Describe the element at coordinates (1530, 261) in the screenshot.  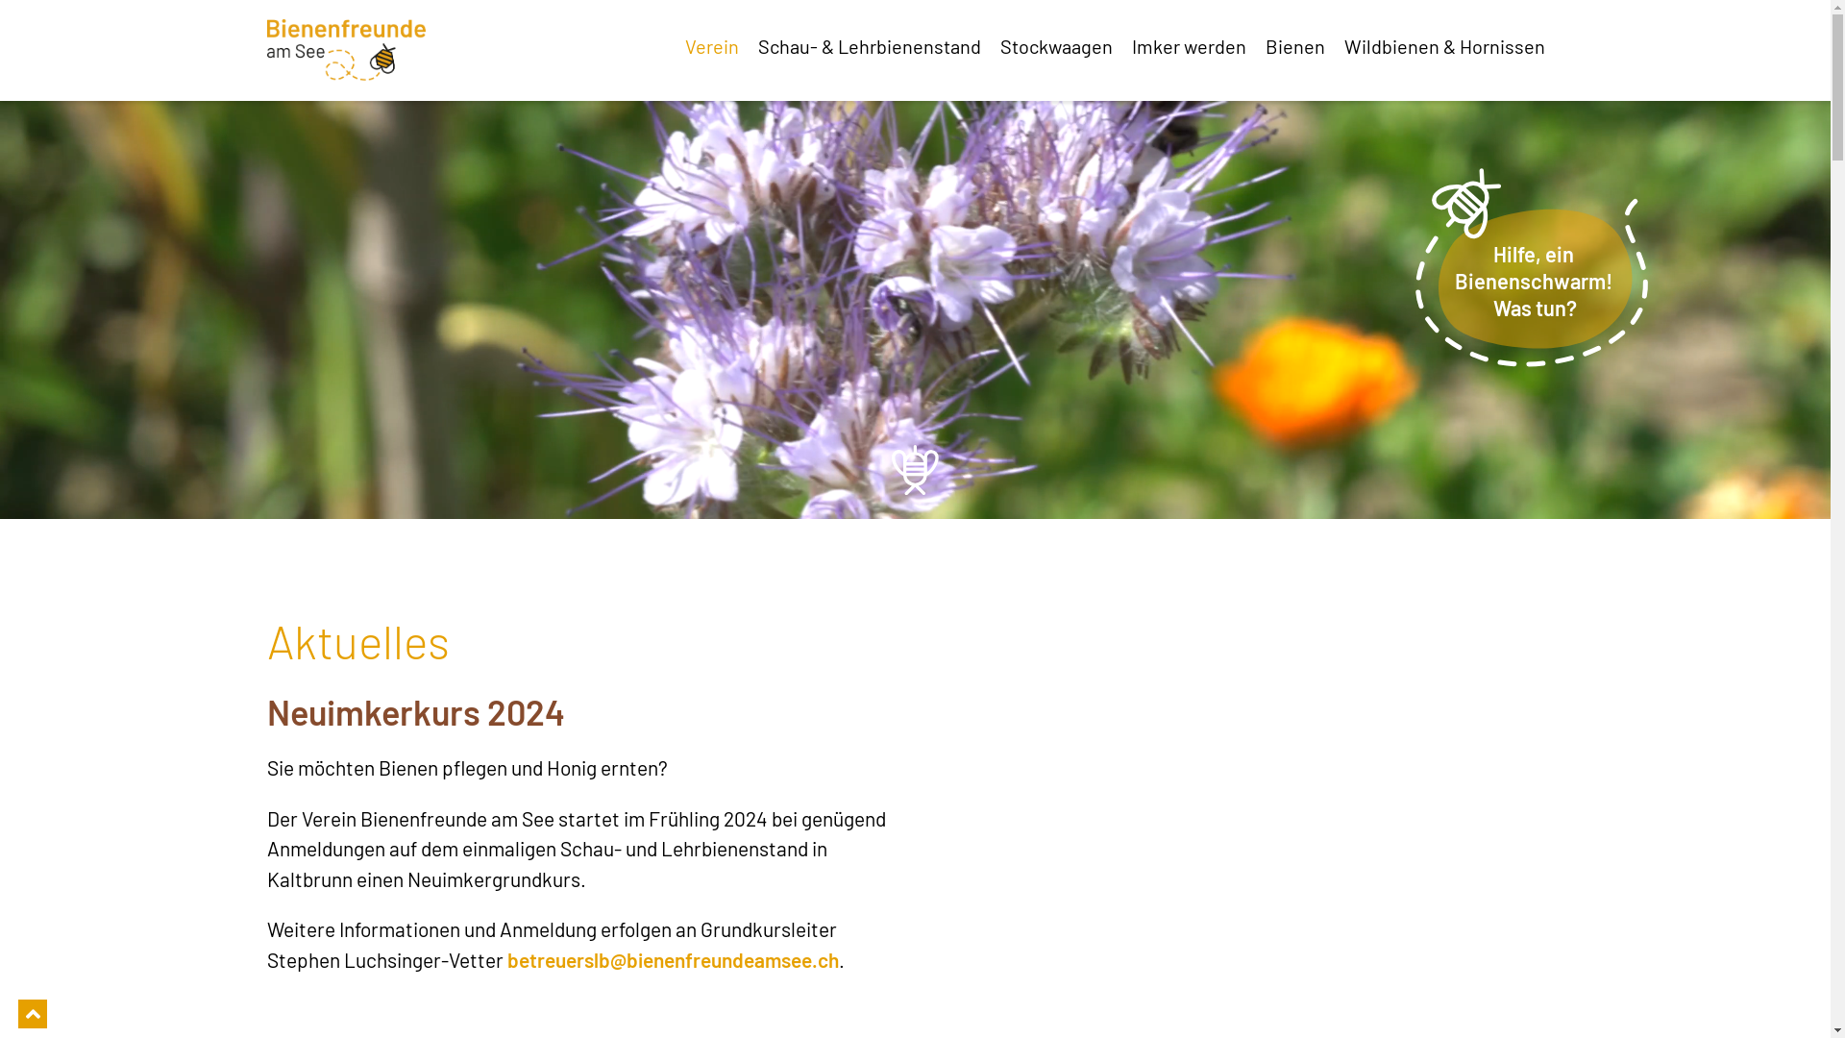
I see `'Hilfe, ein Bienenschwarm! Was tun?'` at that location.